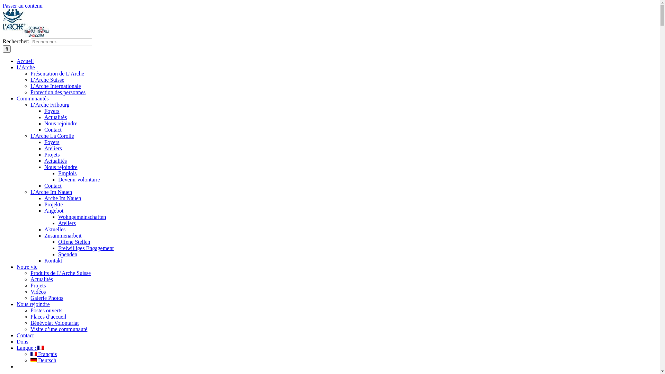 The height and width of the screenshot is (374, 665). What do you see at coordinates (30, 92) in the screenshot?
I see `'Protection des personnes'` at bounding box center [30, 92].